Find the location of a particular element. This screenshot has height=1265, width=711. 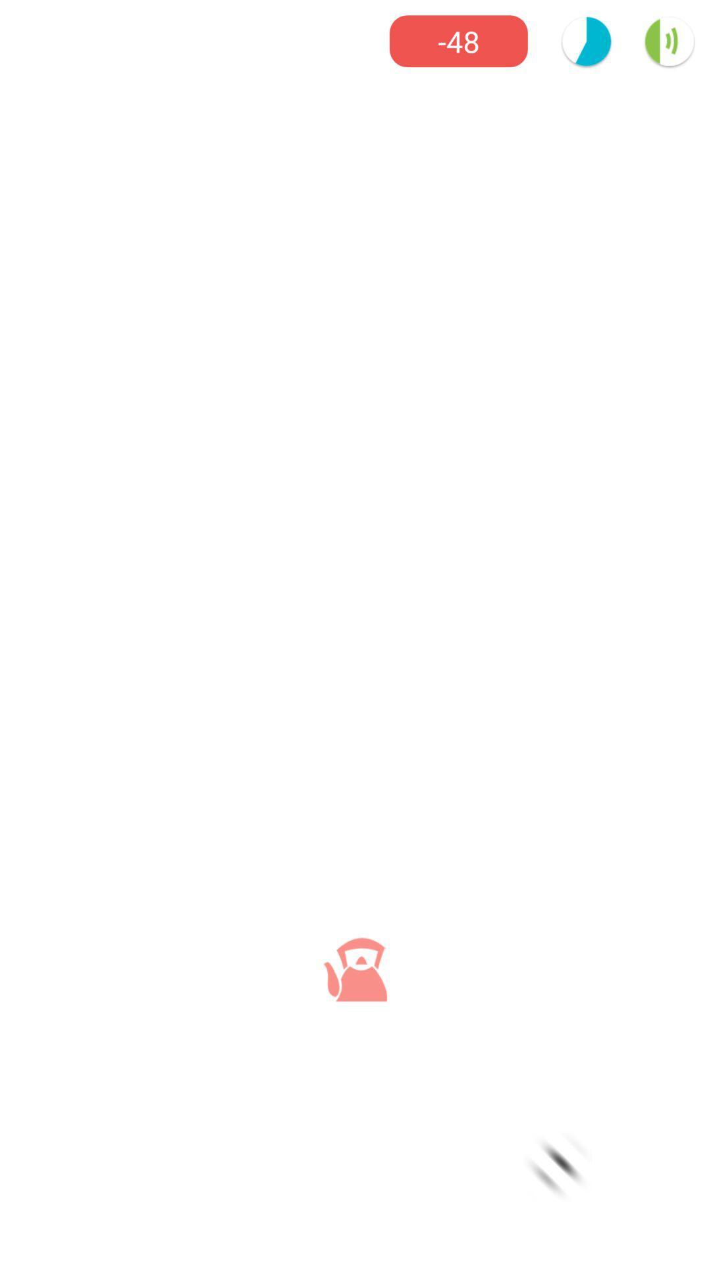

the navigation icon is located at coordinates (558, 1166).